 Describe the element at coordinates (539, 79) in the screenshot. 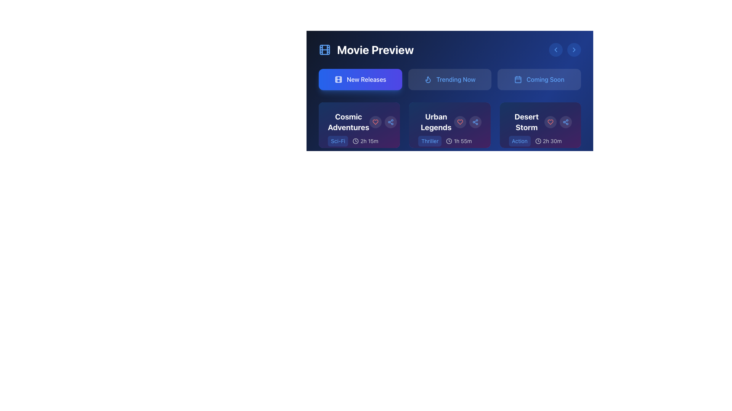

I see `the 'Coming Soon' button, which is the third button in a row of three buttons: 'New Releases', 'Trending Now', and 'Coming Soon', located on the right side of the interface` at that location.